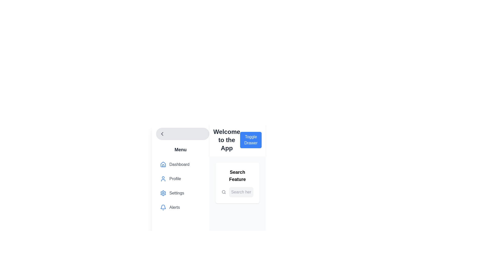 The image size is (492, 276). What do you see at coordinates (175, 208) in the screenshot?
I see `the 'Alerts' static text label in the sidebar menu` at bounding box center [175, 208].